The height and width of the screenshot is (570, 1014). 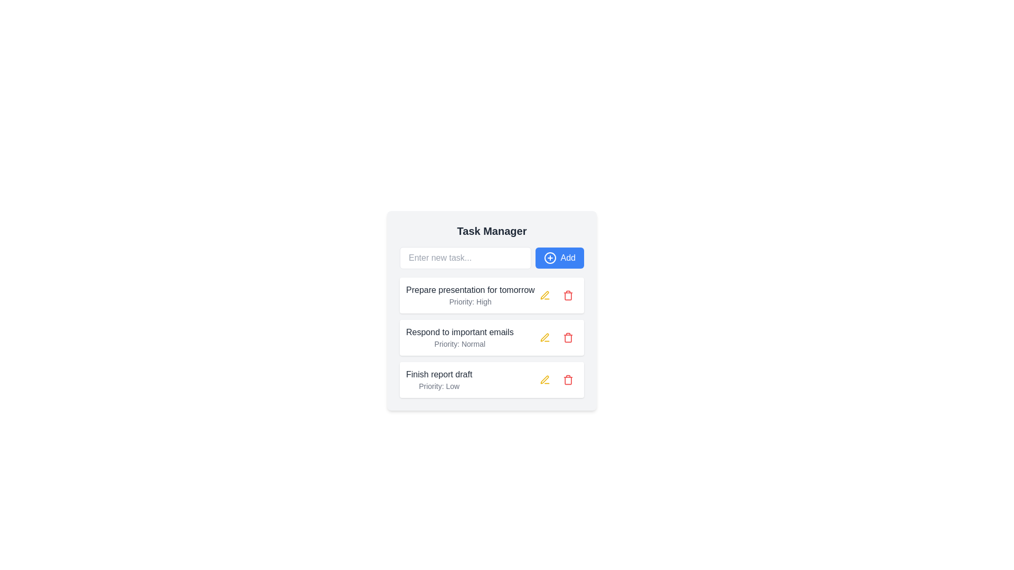 I want to click on the 'Task Manager' title label, which indicates the purpose of the UI module below it, so click(x=491, y=231).